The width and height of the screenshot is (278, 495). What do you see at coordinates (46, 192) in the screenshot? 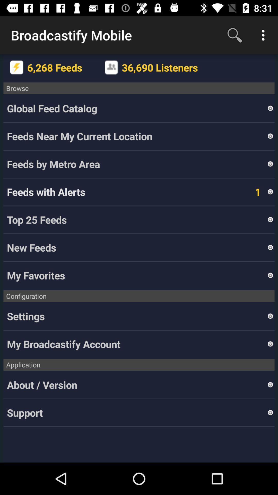
I see `the feeds with alerts on the left` at bounding box center [46, 192].